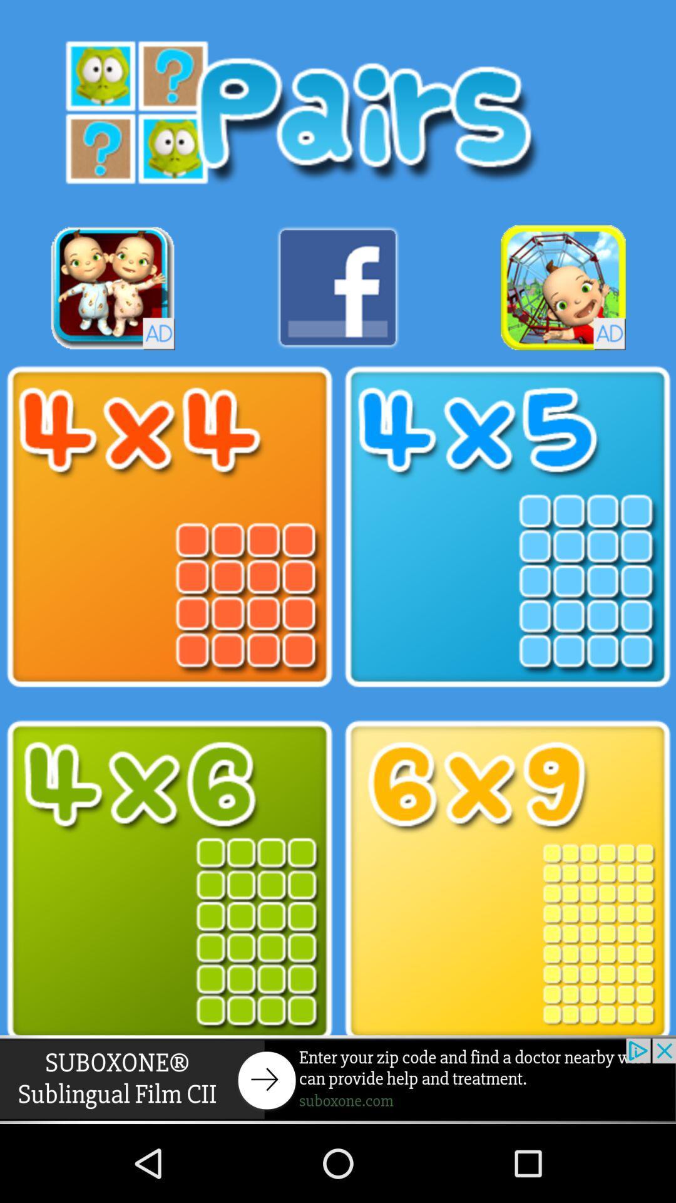  What do you see at coordinates (169, 880) in the screenshot?
I see `game level option` at bounding box center [169, 880].